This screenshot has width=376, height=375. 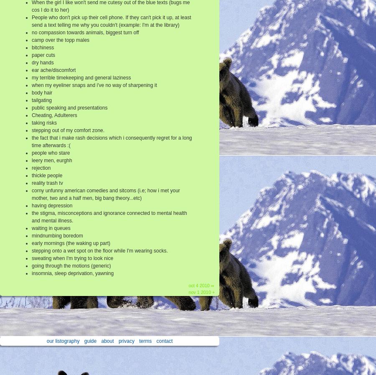 I want to click on 'the fact that i make rash decisions which i consequently regret for a long time afterwards :(', so click(x=31, y=141).